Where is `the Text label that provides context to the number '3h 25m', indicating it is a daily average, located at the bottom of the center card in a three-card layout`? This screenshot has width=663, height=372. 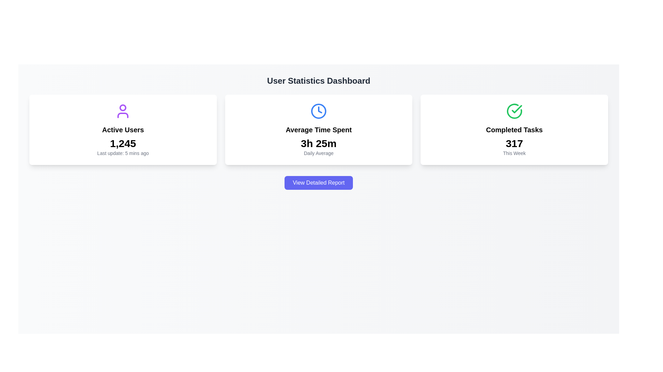
the Text label that provides context to the number '3h 25m', indicating it is a daily average, located at the bottom of the center card in a three-card layout is located at coordinates (318, 153).